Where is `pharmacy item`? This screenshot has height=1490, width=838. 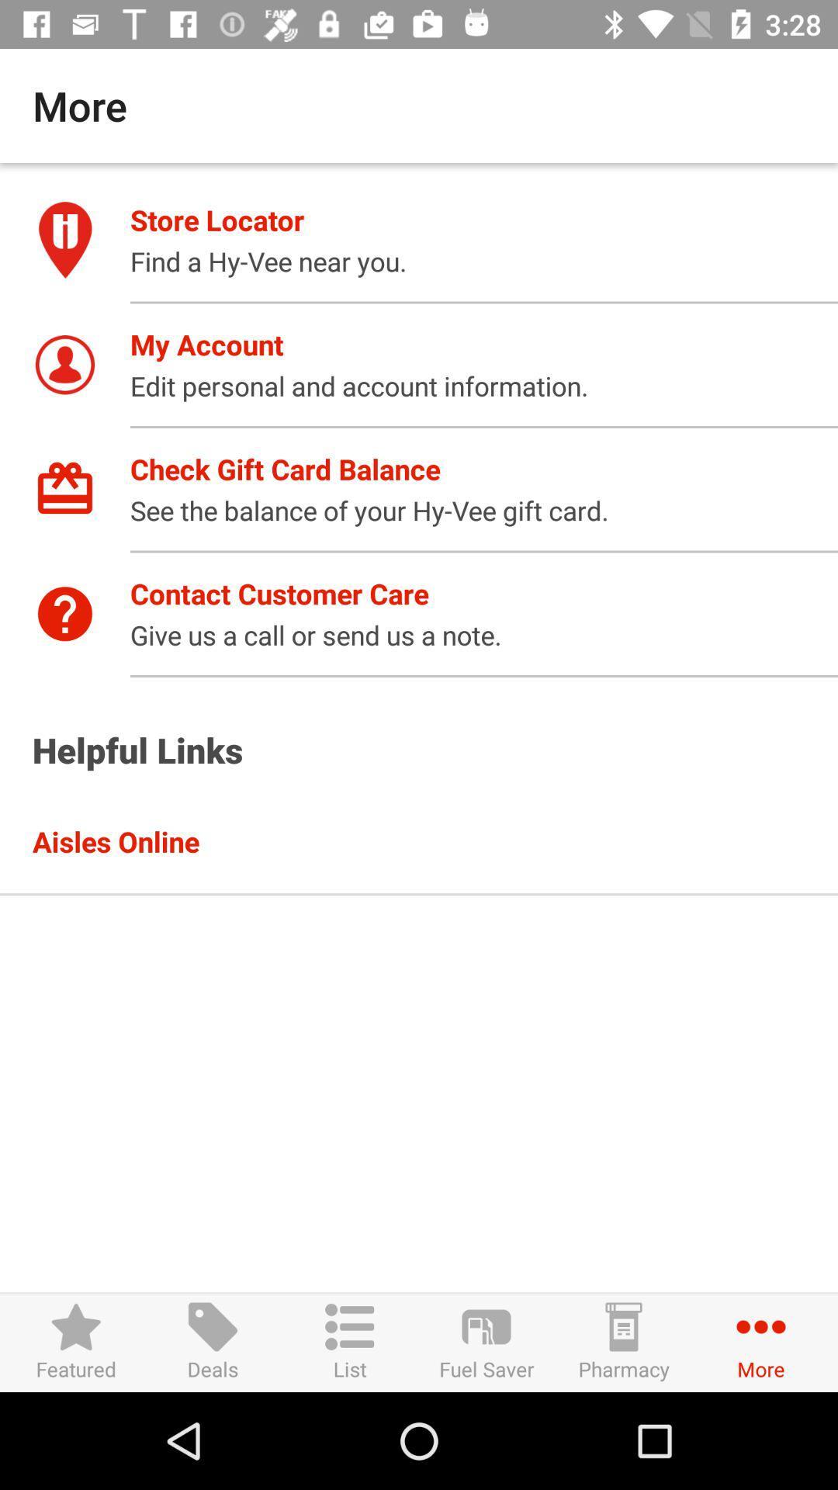
pharmacy item is located at coordinates (622, 1342).